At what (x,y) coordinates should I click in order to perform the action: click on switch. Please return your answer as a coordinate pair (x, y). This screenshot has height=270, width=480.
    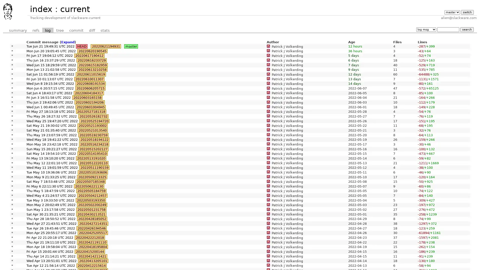
    Looking at the image, I should click on (467, 12).